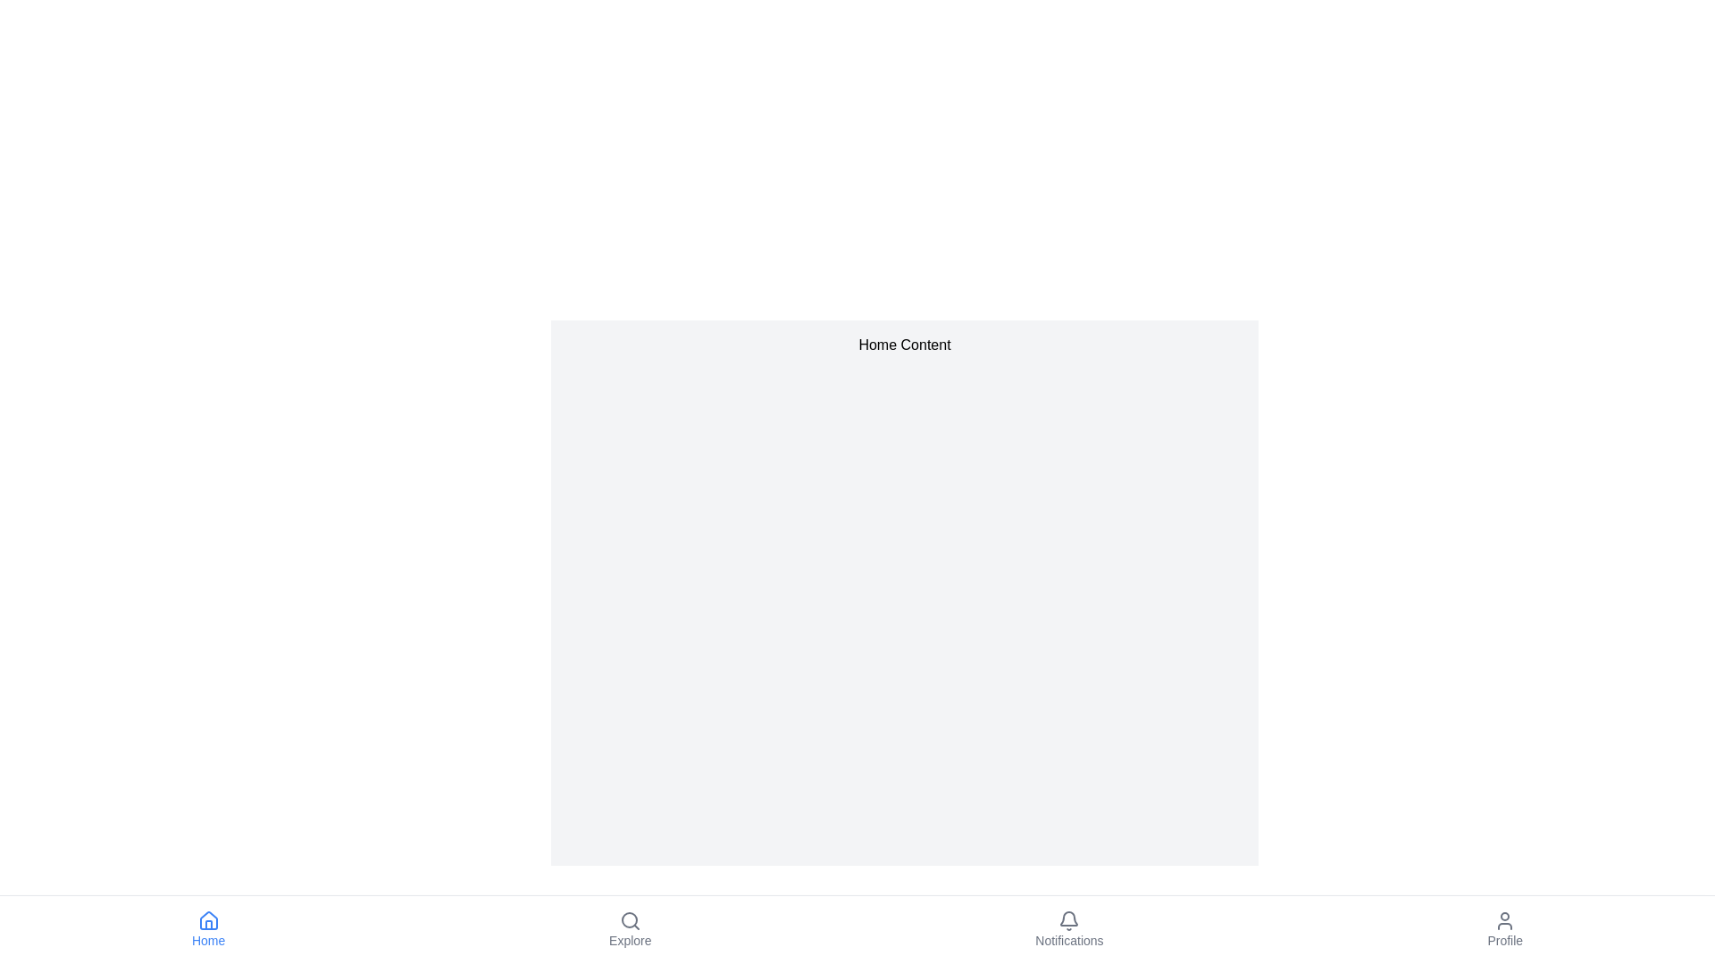 This screenshot has width=1715, height=964. Describe the element at coordinates (1504, 939) in the screenshot. I see `the 'Profile' text label in the bottom navigation bar` at that location.